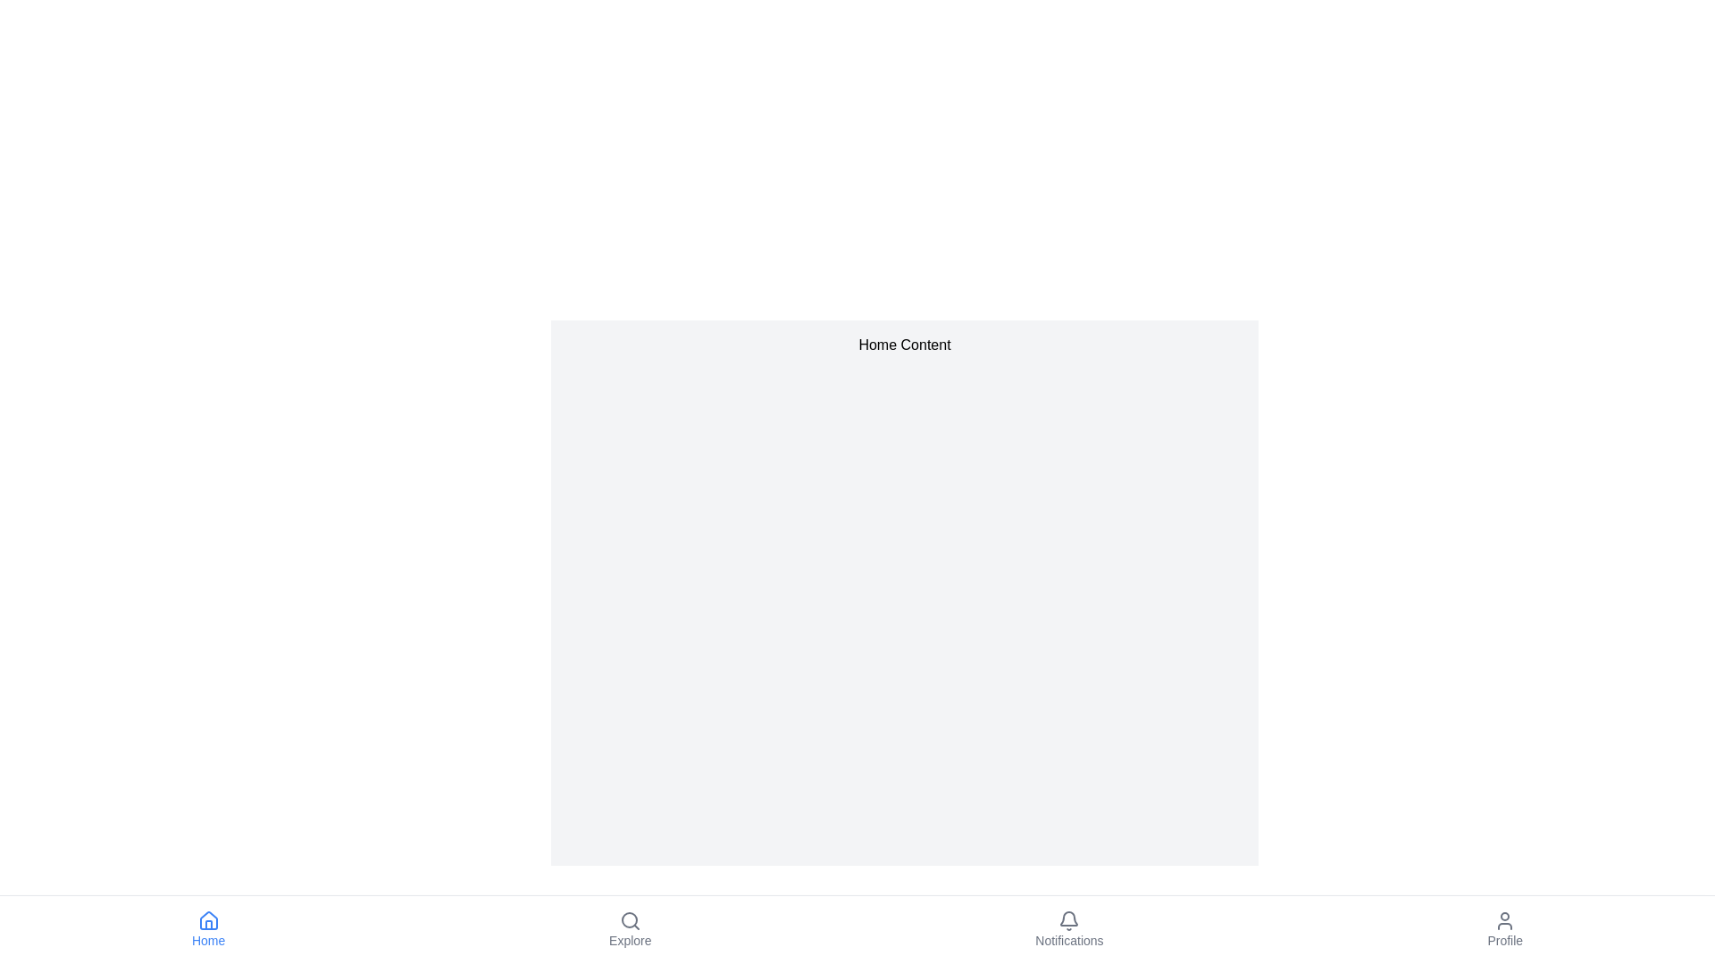 This screenshot has width=1715, height=964. Describe the element at coordinates (1504, 939) in the screenshot. I see `the 'Profile' text label in the bottom navigation bar` at that location.